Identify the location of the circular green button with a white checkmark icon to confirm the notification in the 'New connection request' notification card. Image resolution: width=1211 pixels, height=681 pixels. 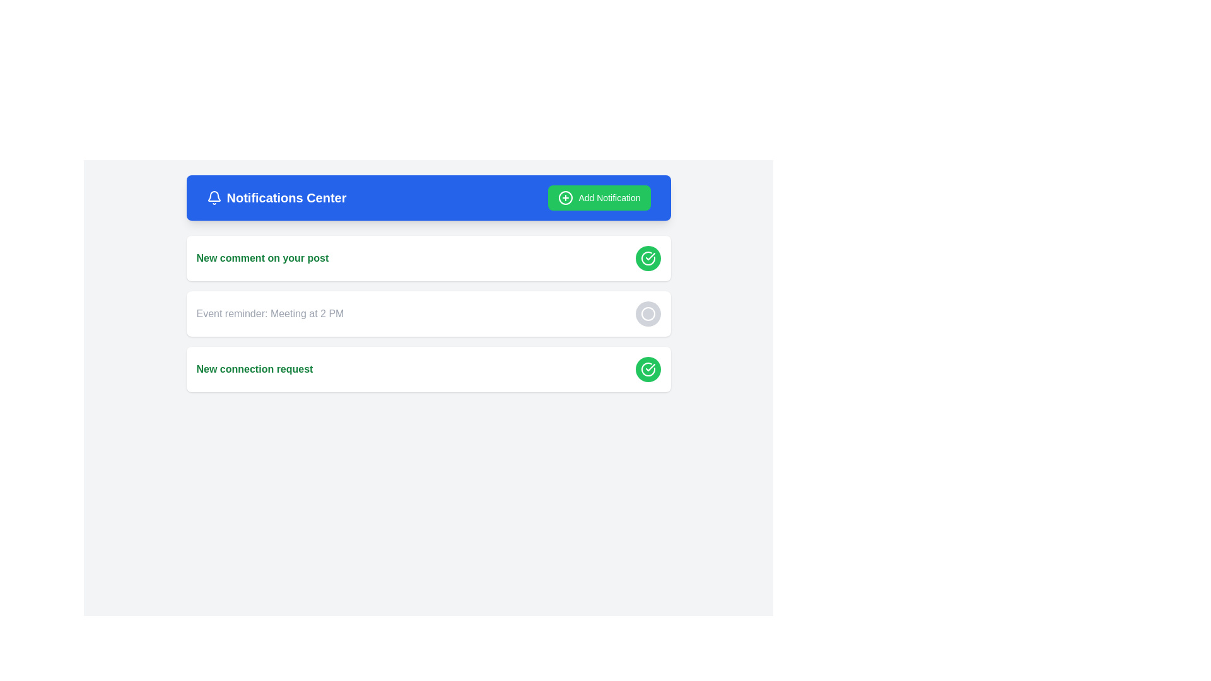
(648, 369).